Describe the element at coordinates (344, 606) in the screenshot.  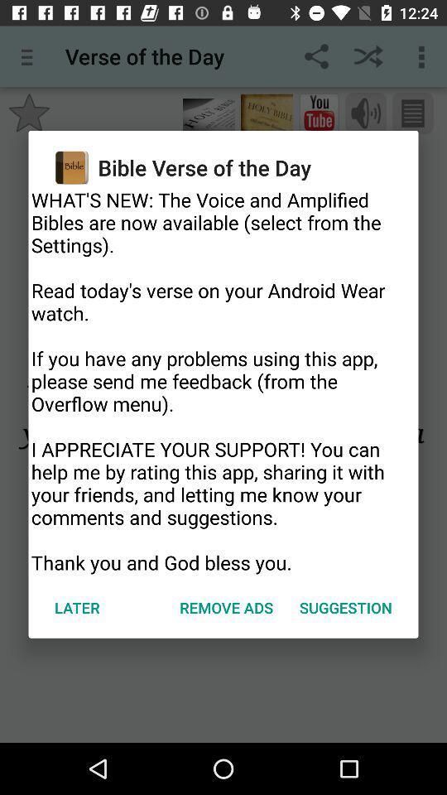
I see `the suggestion` at that location.